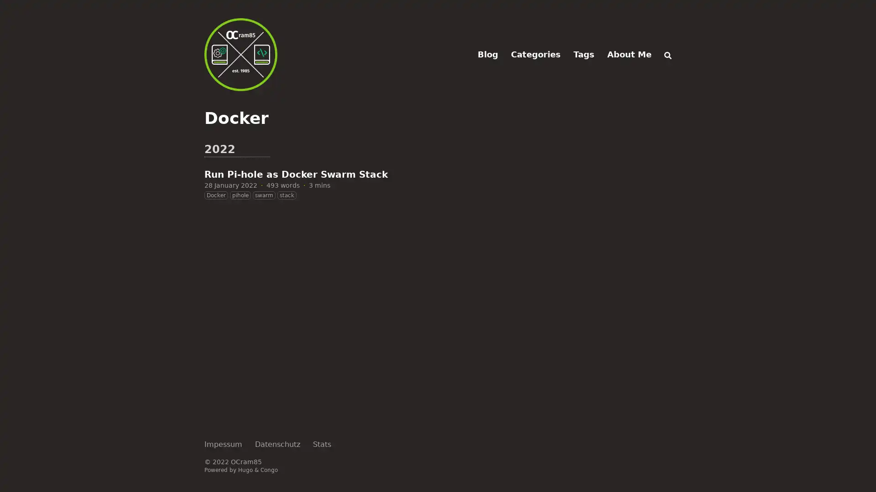 The width and height of the screenshot is (876, 492). Describe the element at coordinates (668, 55) in the screenshot. I see `Search (/)` at that location.